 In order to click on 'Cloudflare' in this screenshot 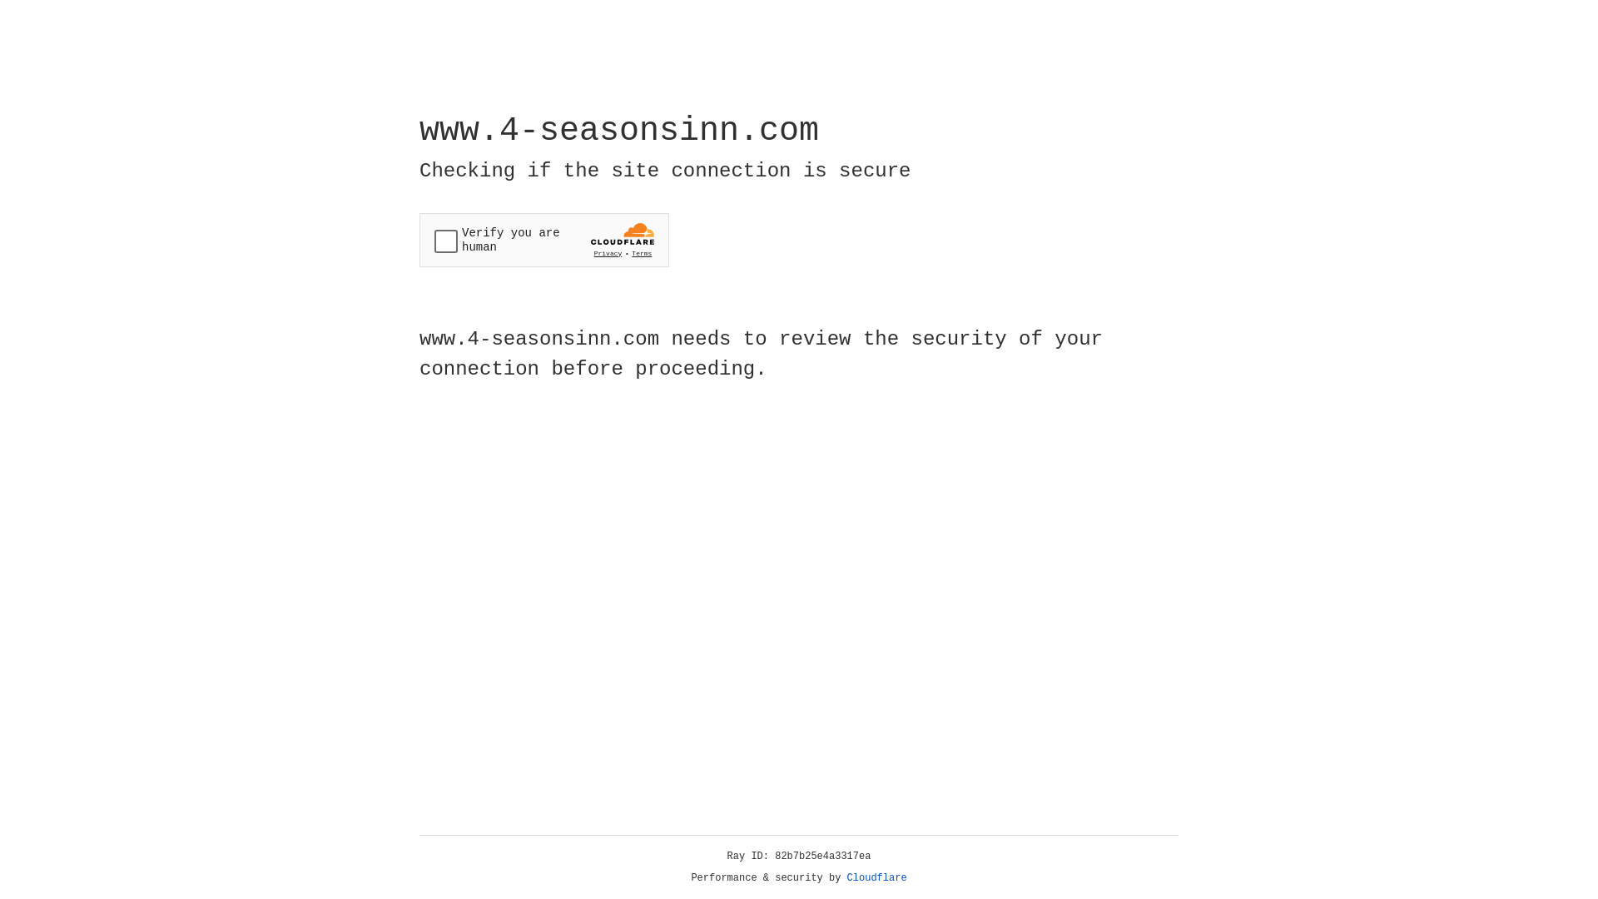, I will do `click(876, 877)`.